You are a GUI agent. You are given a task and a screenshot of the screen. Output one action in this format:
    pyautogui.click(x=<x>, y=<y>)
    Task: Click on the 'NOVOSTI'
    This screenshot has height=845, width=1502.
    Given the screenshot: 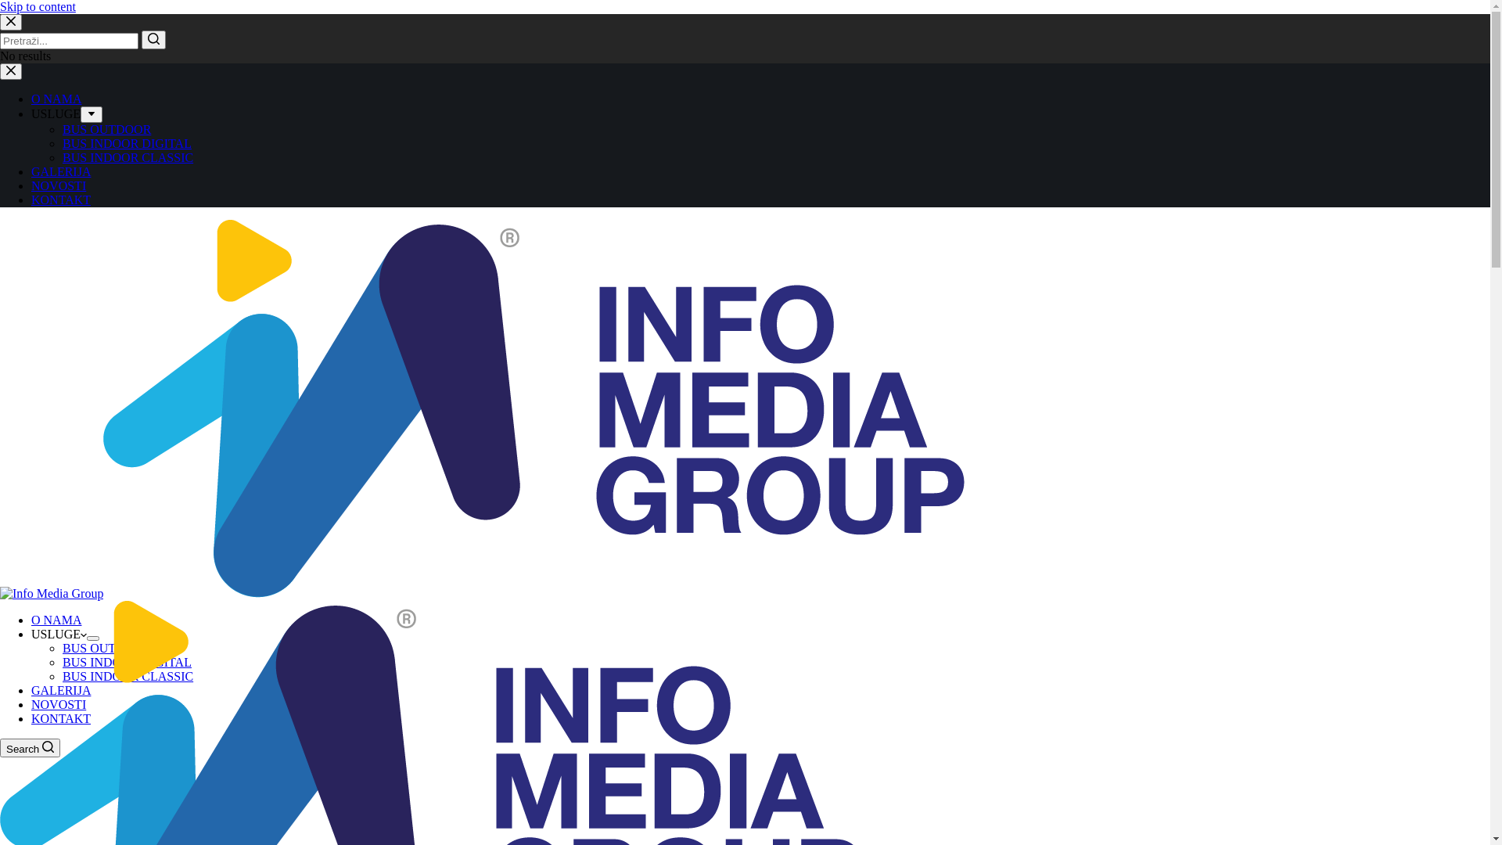 What is the action you would take?
    pyautogui.click(x=59, y=704)
    